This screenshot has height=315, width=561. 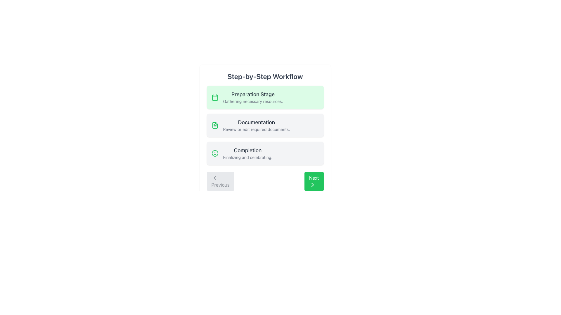 I want to click on the 'Completion' text label in the multi-step workflow, which indicates the current stage of the process, so click(x=247, y=150).